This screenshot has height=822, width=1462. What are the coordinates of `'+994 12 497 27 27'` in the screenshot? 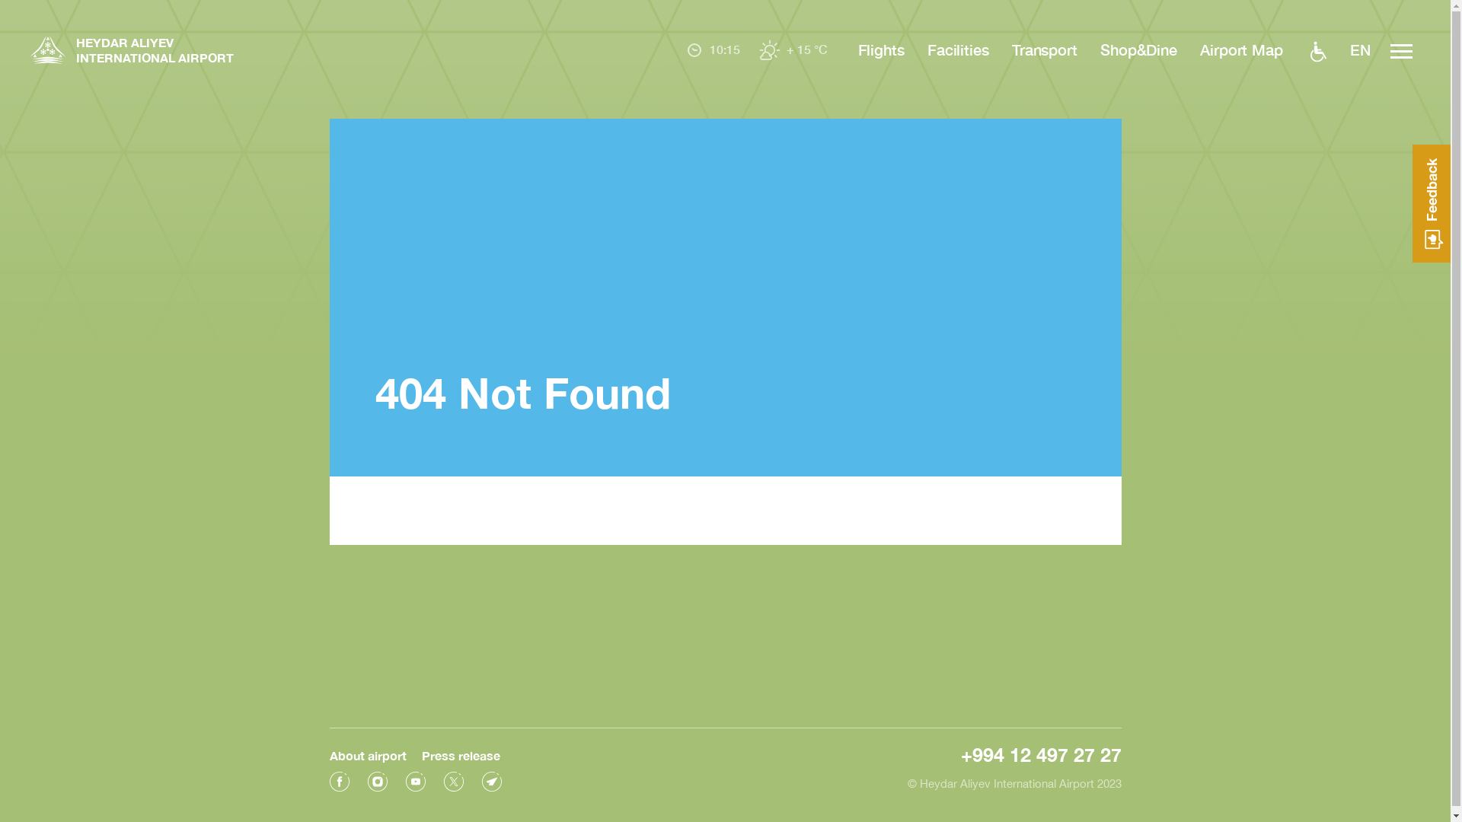 It's located at (960, 754).